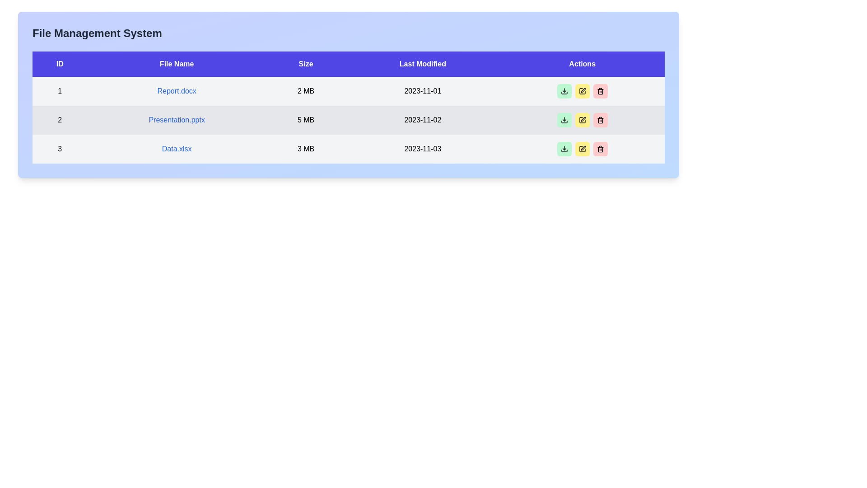 Image resolution: width=867 pixels, height=488 pixels. What do you see at coordinates (582, 64) in the screenshot?
I see `the Table header cell labeled 'Actions', which is the fifth header in the row containing 'ID', 'File Name', 'Size', 'Last Modified', and 'Actions'` at bounding box center [582, 64].